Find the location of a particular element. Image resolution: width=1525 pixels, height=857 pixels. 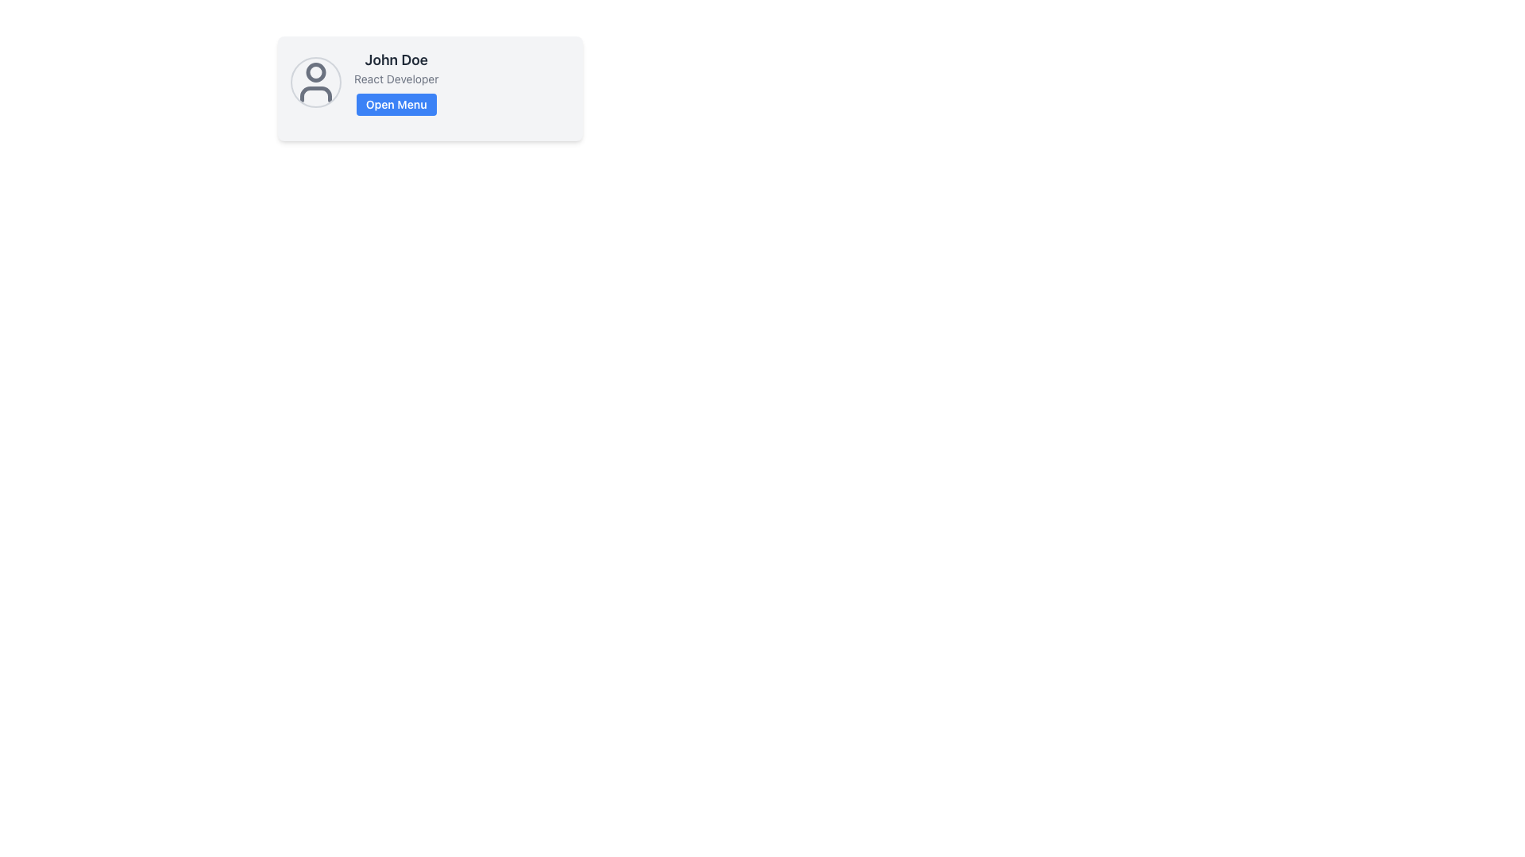

the Circular Profile Placeholder or Avatar representing the user profile for 'John Doe', located to the left of the textual details and the 'Open Menu' button is located at coordinates (316, 83).